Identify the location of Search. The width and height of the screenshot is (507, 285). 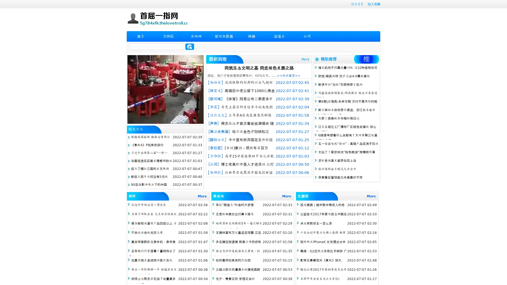
(190, 46).